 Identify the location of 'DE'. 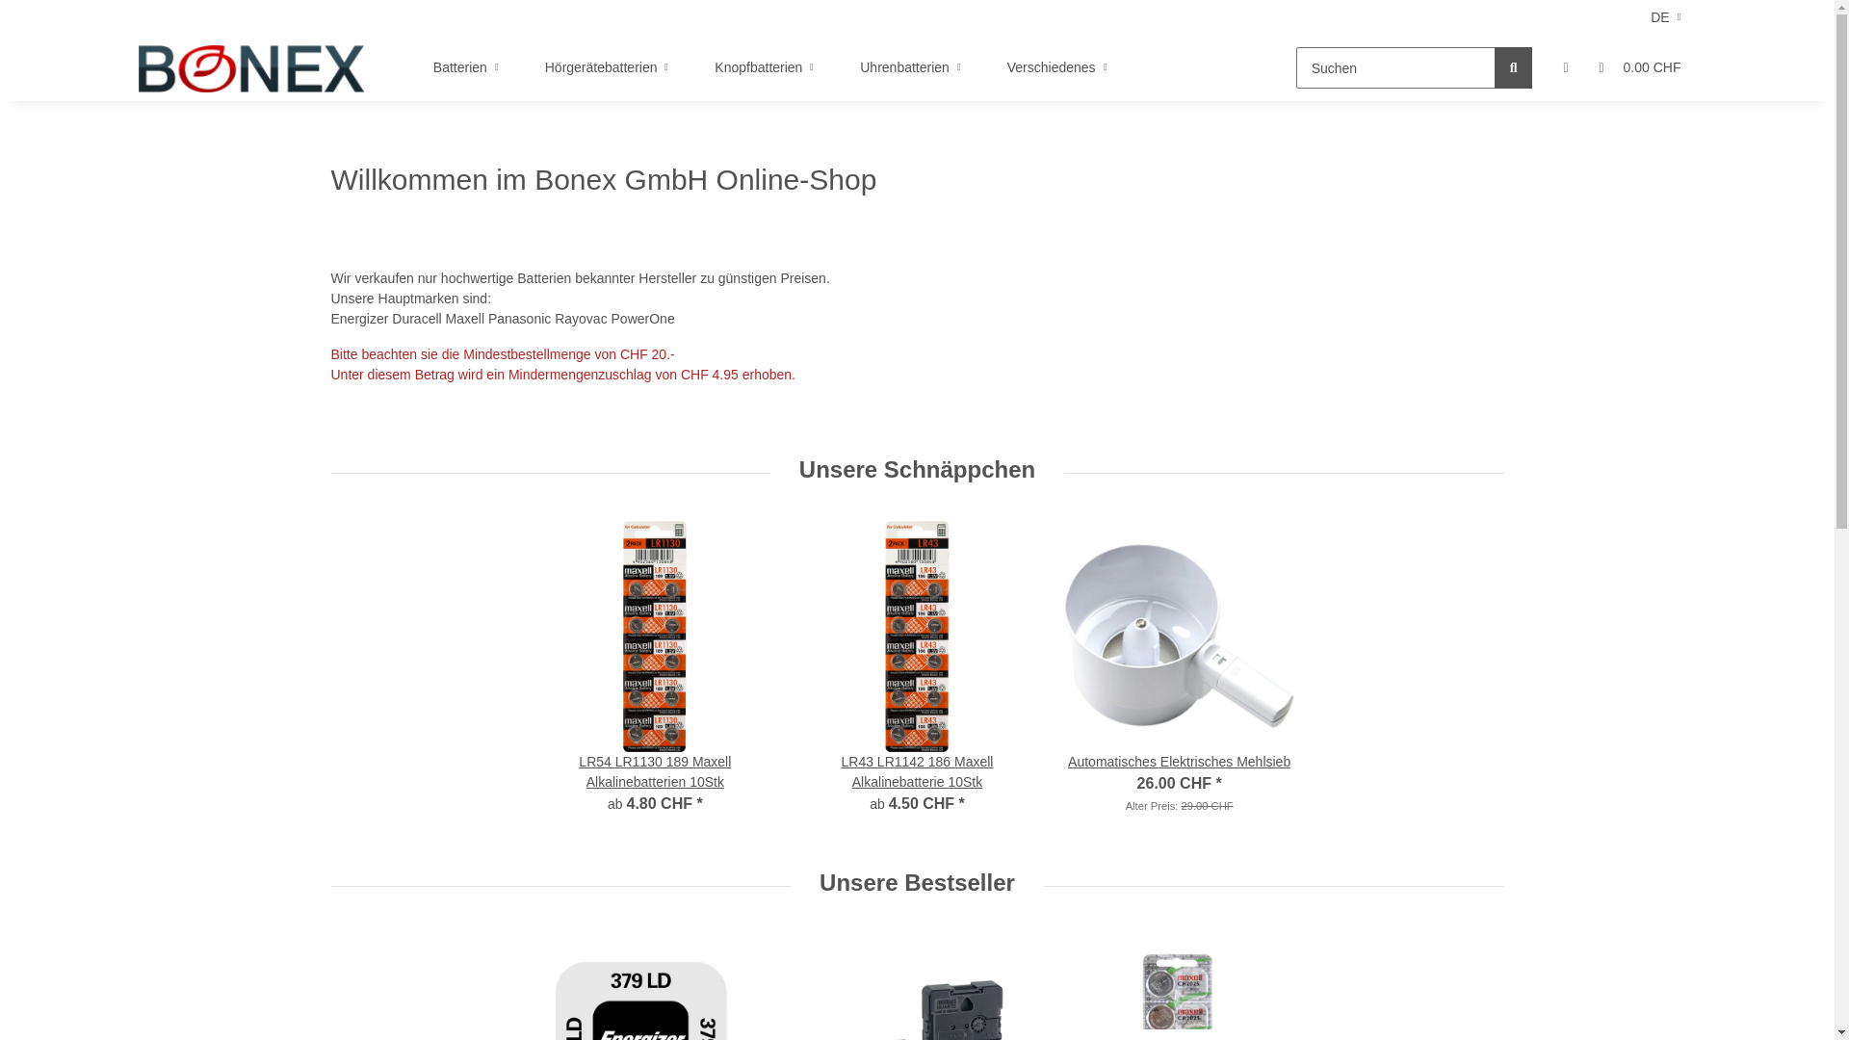
(1664, 17).